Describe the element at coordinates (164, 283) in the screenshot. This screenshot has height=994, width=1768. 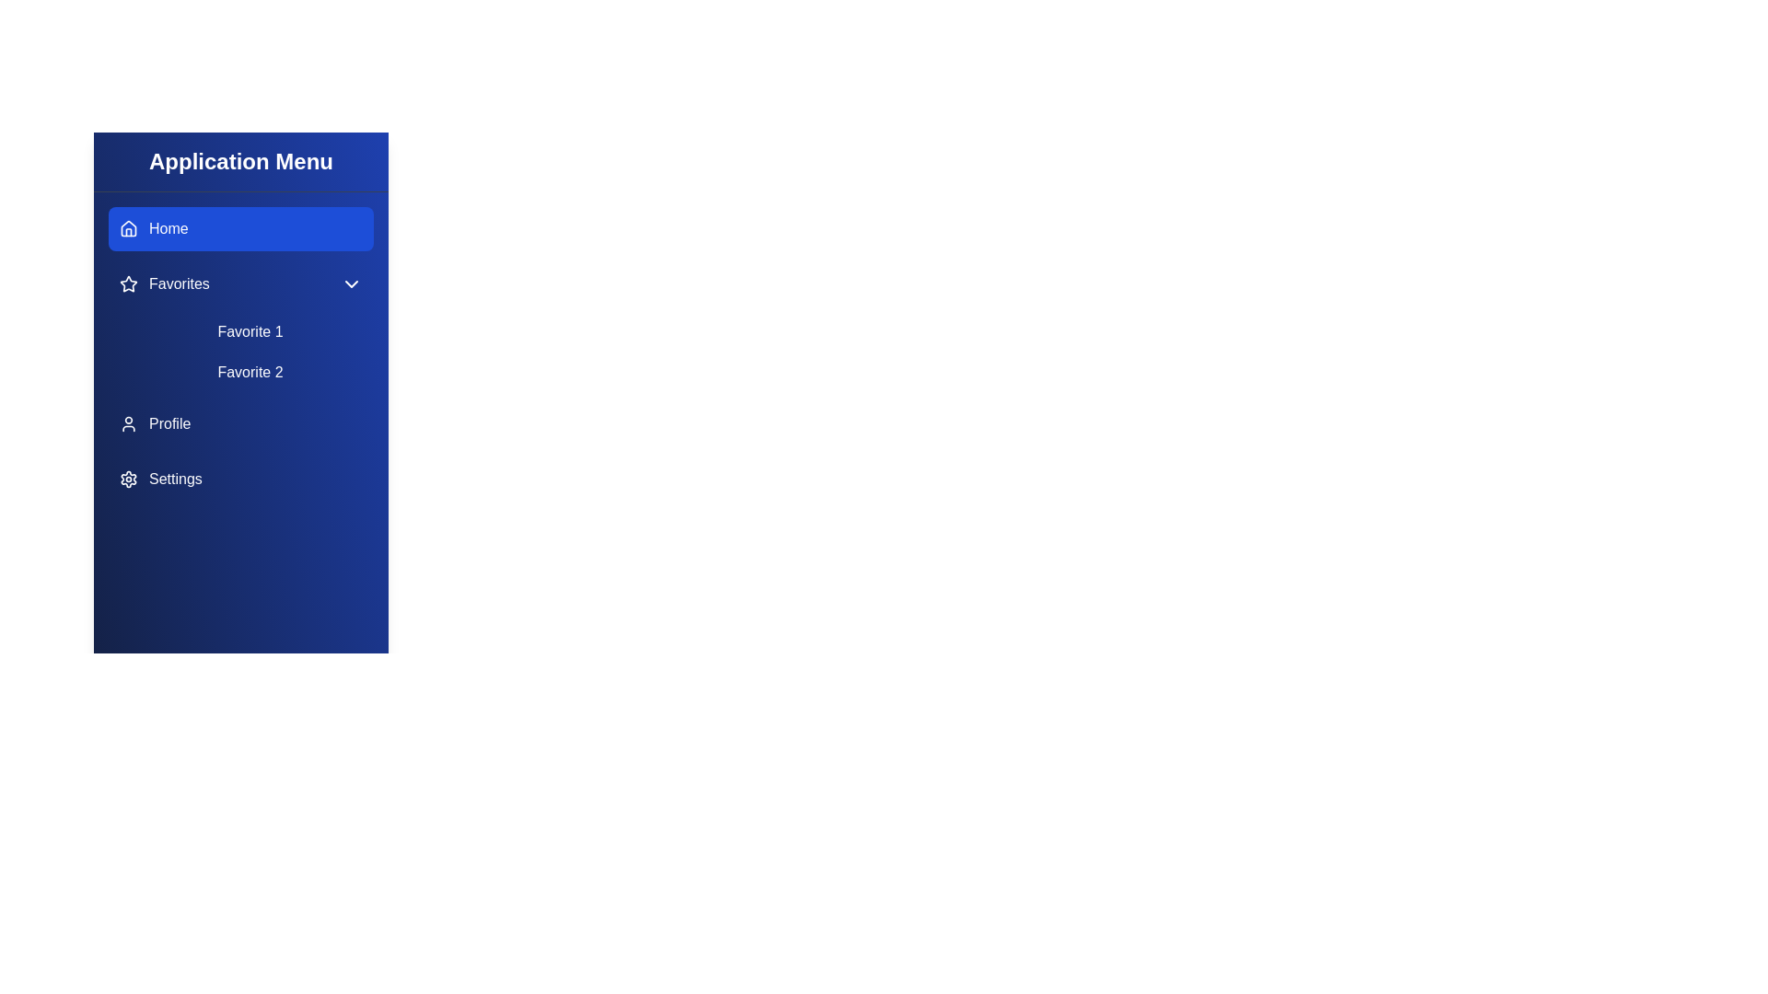
I see `the 'Favorites' navigation item, which includes a star icon and is styled in white on a dark blue background` at that location.